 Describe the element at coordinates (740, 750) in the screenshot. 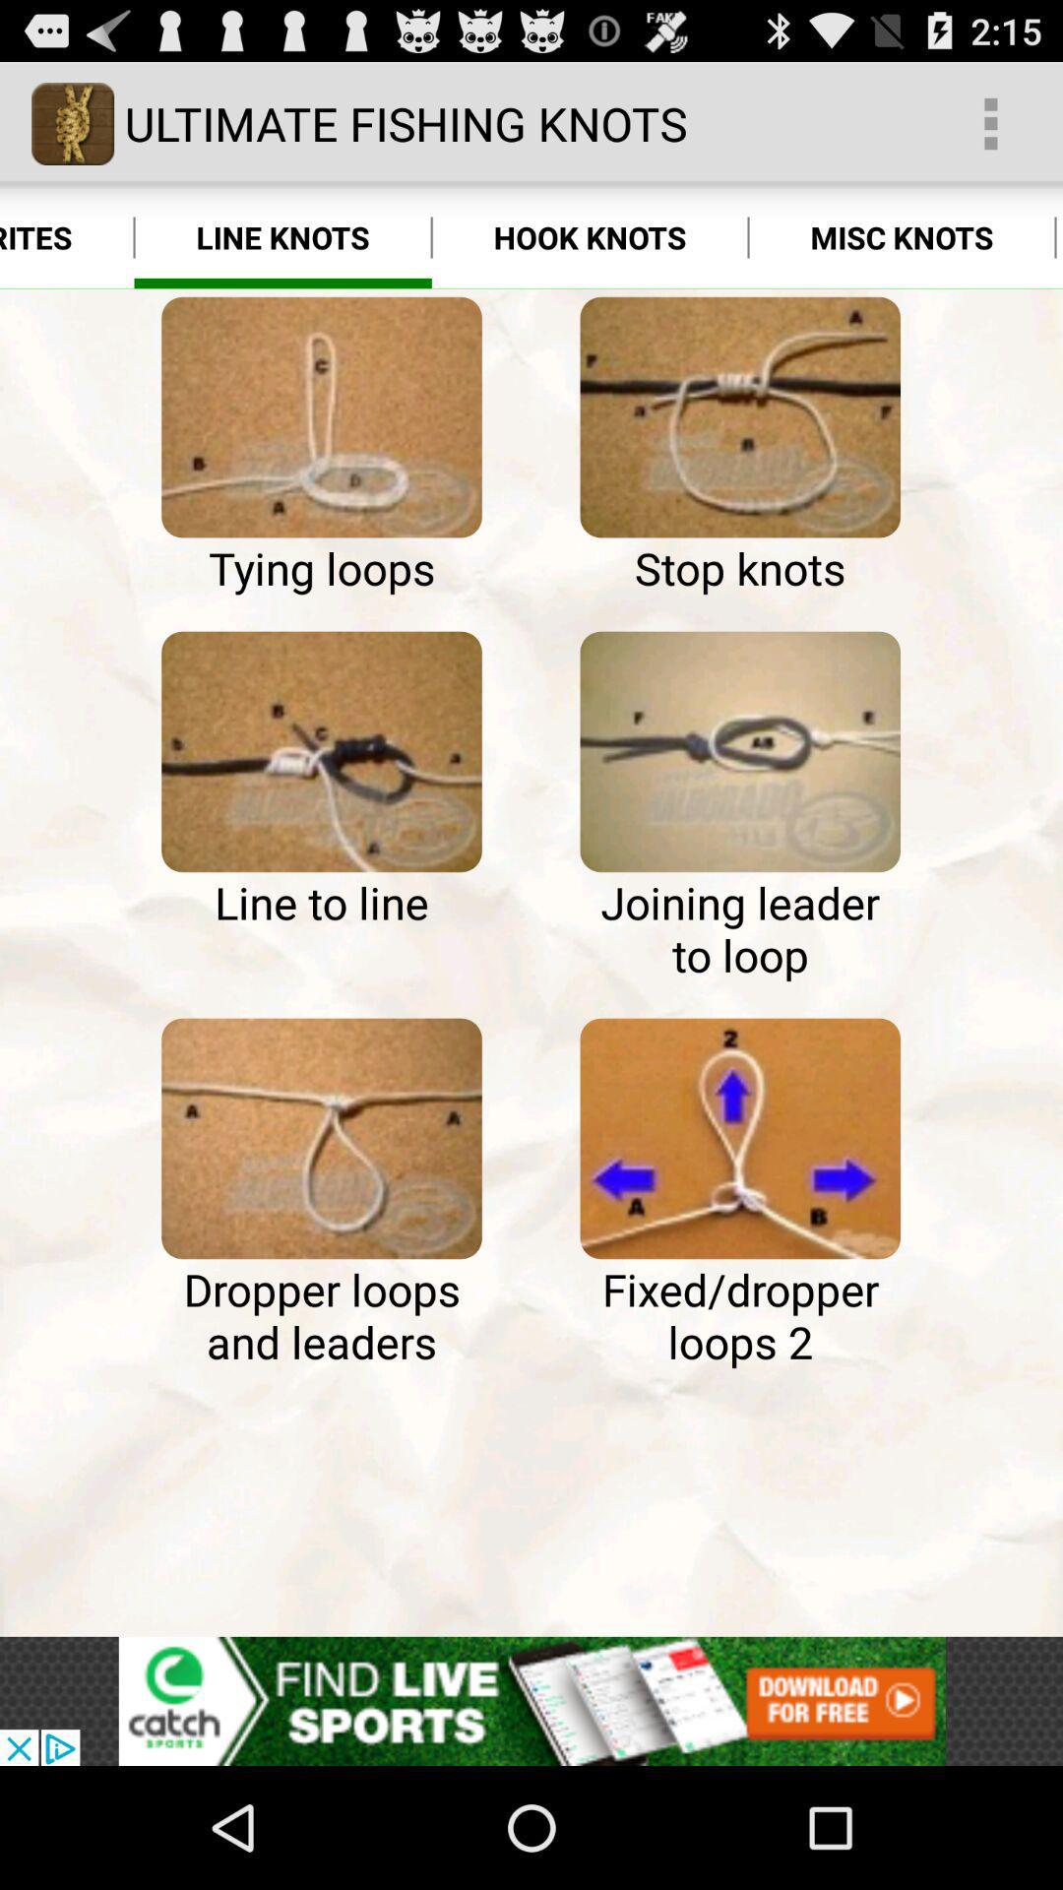

I see `display picture` at that location.